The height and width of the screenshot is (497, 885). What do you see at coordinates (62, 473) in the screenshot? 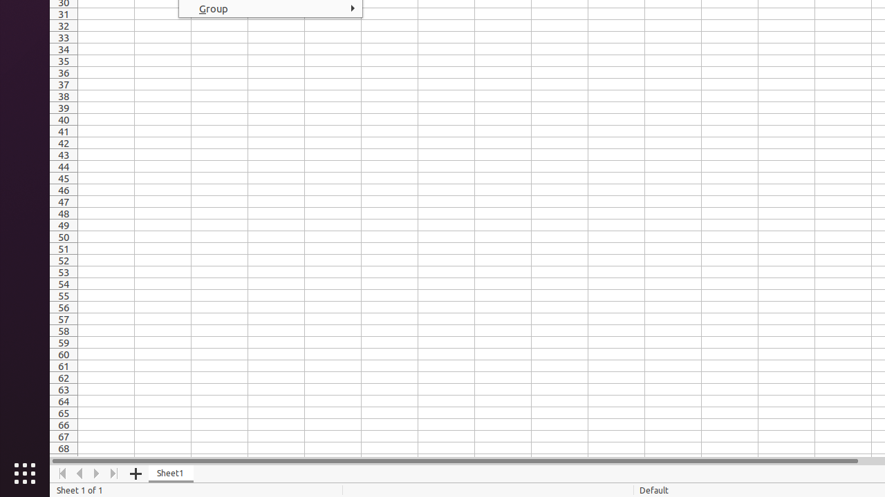
I see `'Move To Home'` at bounding box center [62, 473].